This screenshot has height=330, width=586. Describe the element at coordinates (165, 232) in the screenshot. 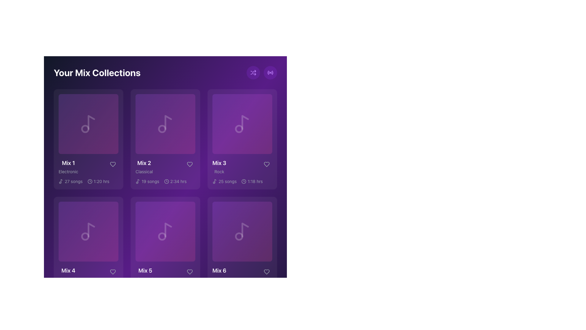

I see `the Play icon located in the center of the 'Mix 5' card to initiate playback` at that location.